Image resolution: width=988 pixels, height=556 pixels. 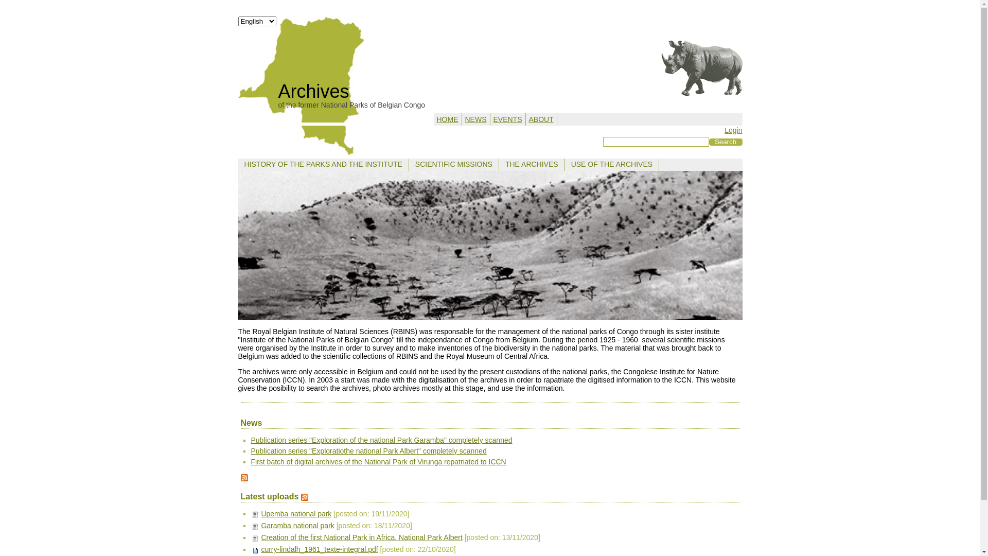 What do you see at coordinates (507, 118) in the screenshot?
I see `'EVENTS'` at bounding box center [507, 118].